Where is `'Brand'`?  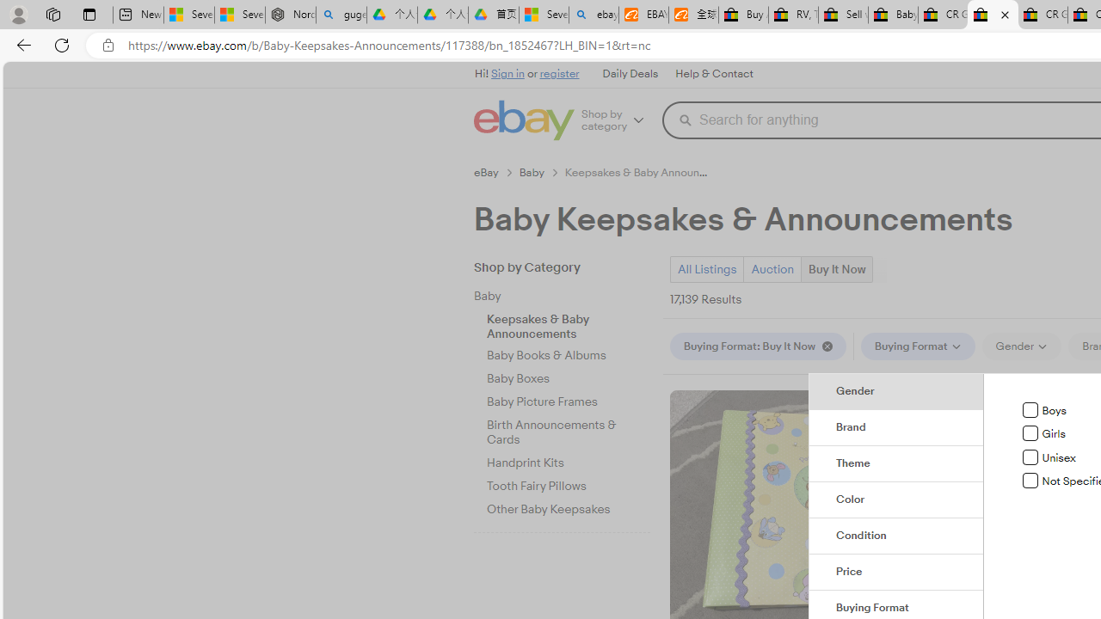 'Brand' is located at coordinates (895, 426).